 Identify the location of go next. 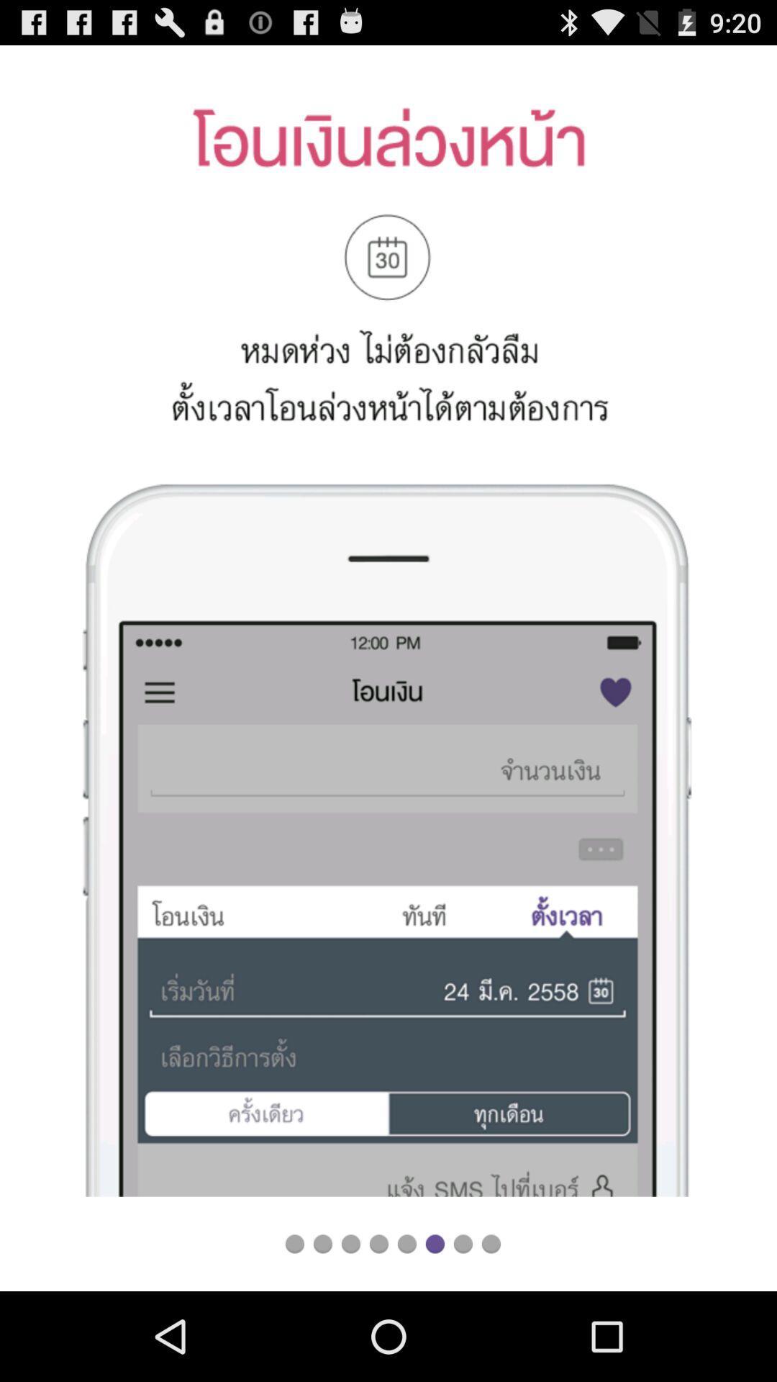
(434, 1243).